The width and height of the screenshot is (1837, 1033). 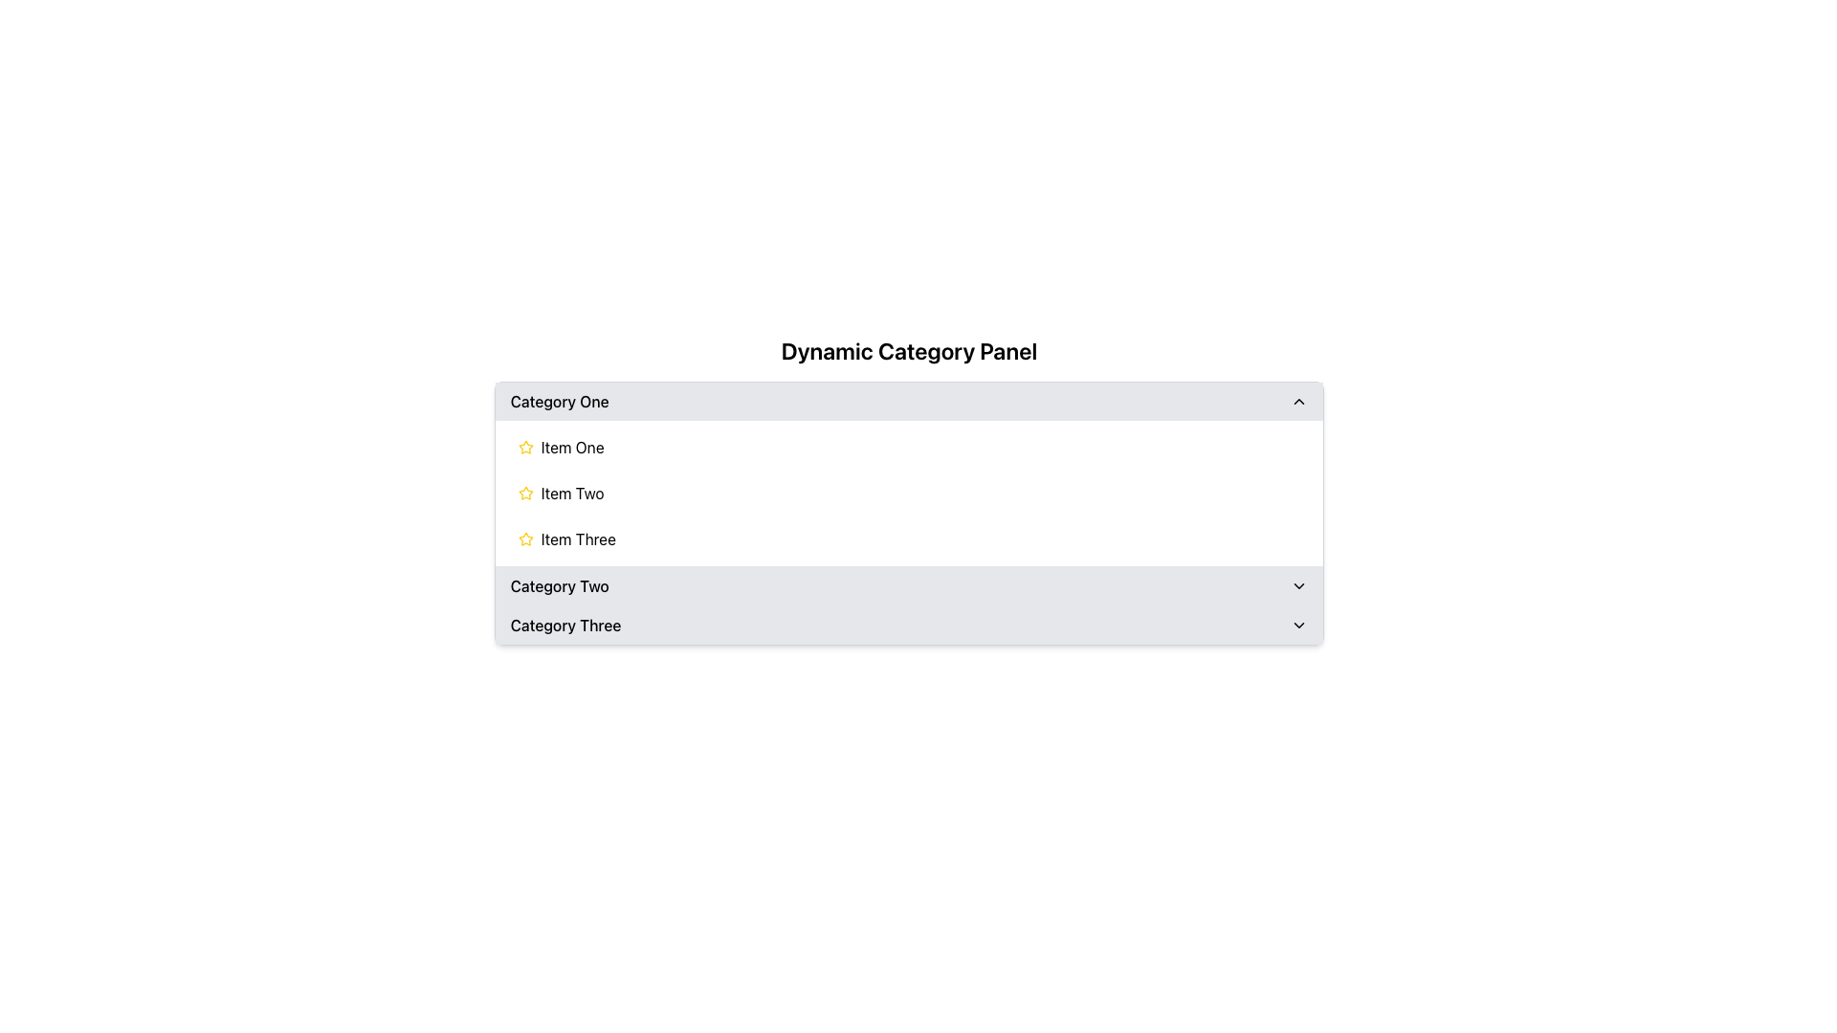 What do you see at coordinates (908, 585) in the screenshot?
I see `the second row in the list of categories, which is a List item with menu toggle` at bounding box center [908, 585].